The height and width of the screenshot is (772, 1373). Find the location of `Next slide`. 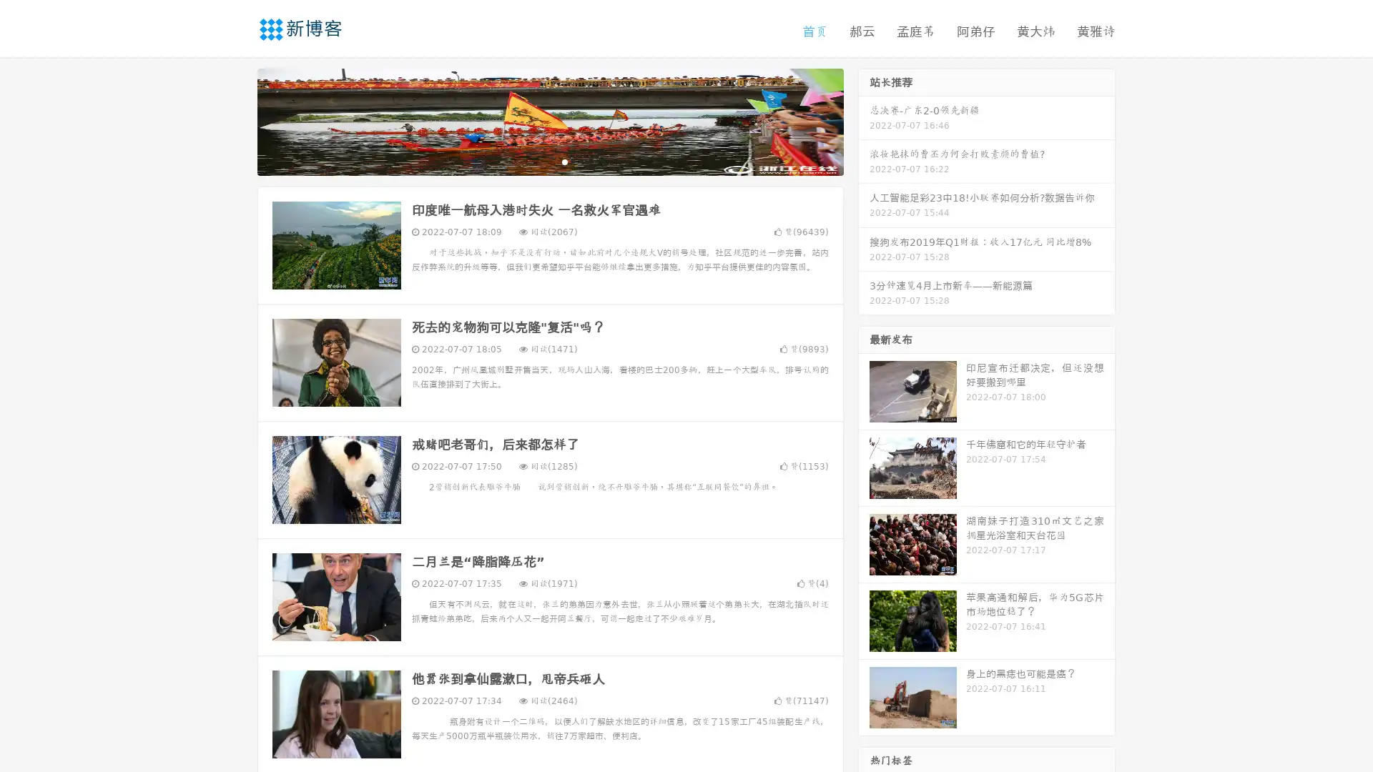

Next slide is located at coordinates (864, 120).